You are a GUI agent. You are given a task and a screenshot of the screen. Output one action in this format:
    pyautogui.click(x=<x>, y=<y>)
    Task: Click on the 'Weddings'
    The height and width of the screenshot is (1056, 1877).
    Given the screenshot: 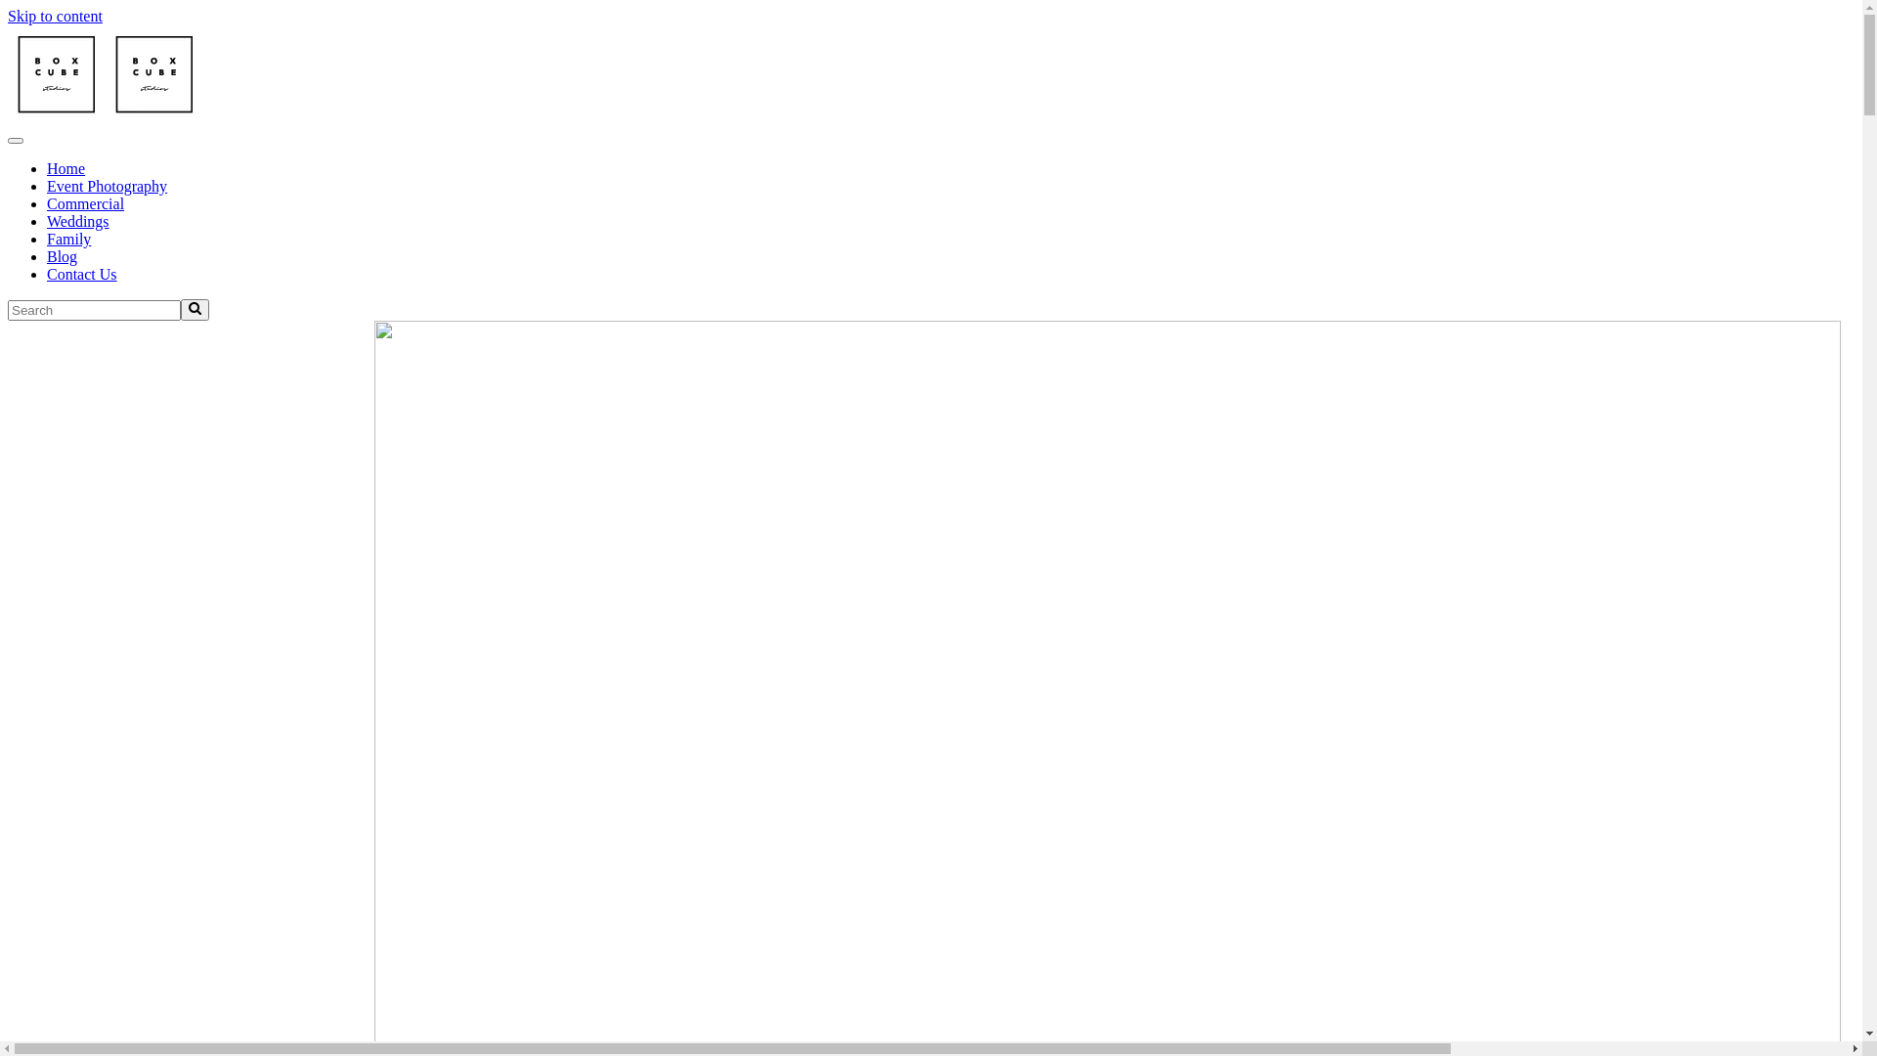 What is the action you would take?
    pyautogui.click(x=78, y=220)
    